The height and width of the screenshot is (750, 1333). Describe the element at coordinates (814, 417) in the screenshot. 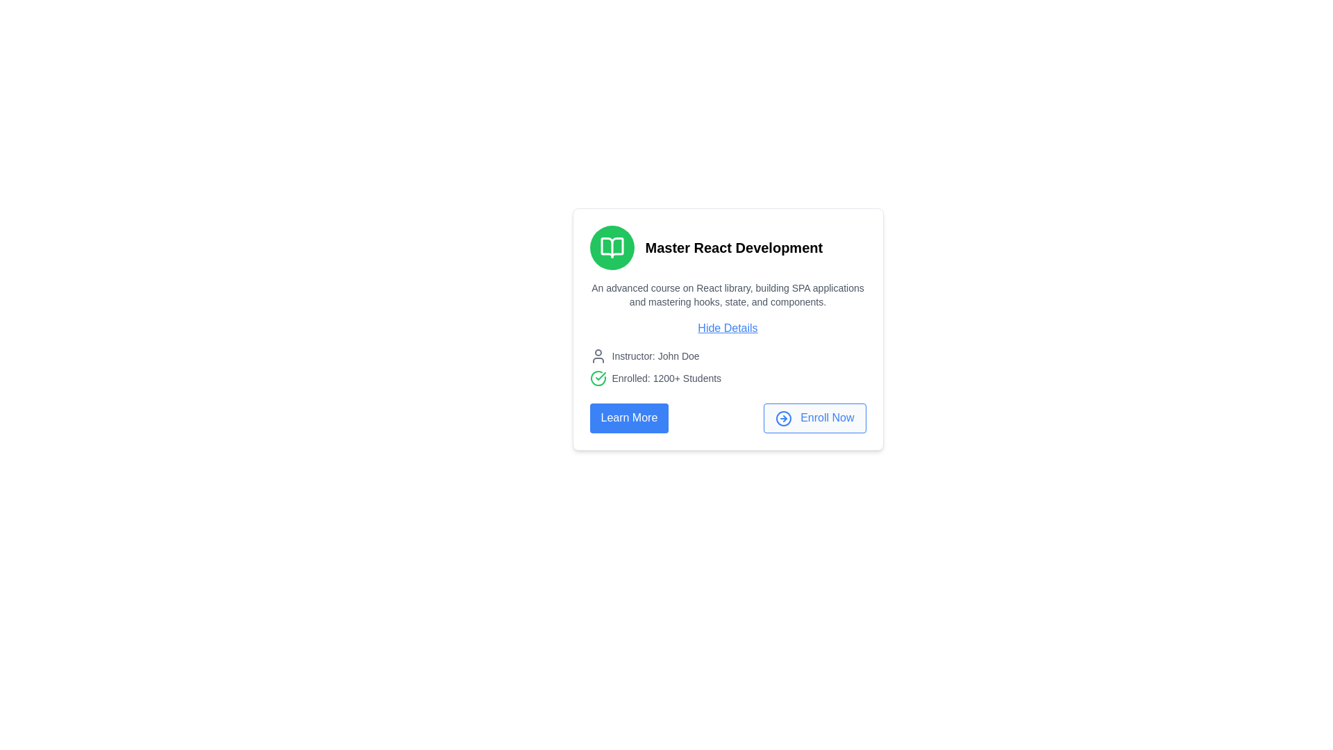

I see `the second button in the horizontal layout below the course description card` at that location.